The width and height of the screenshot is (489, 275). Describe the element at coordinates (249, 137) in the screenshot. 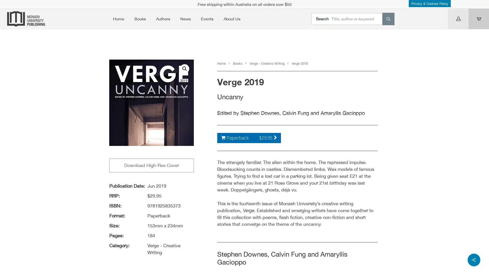

I see `Paperback $29.95` at that location.